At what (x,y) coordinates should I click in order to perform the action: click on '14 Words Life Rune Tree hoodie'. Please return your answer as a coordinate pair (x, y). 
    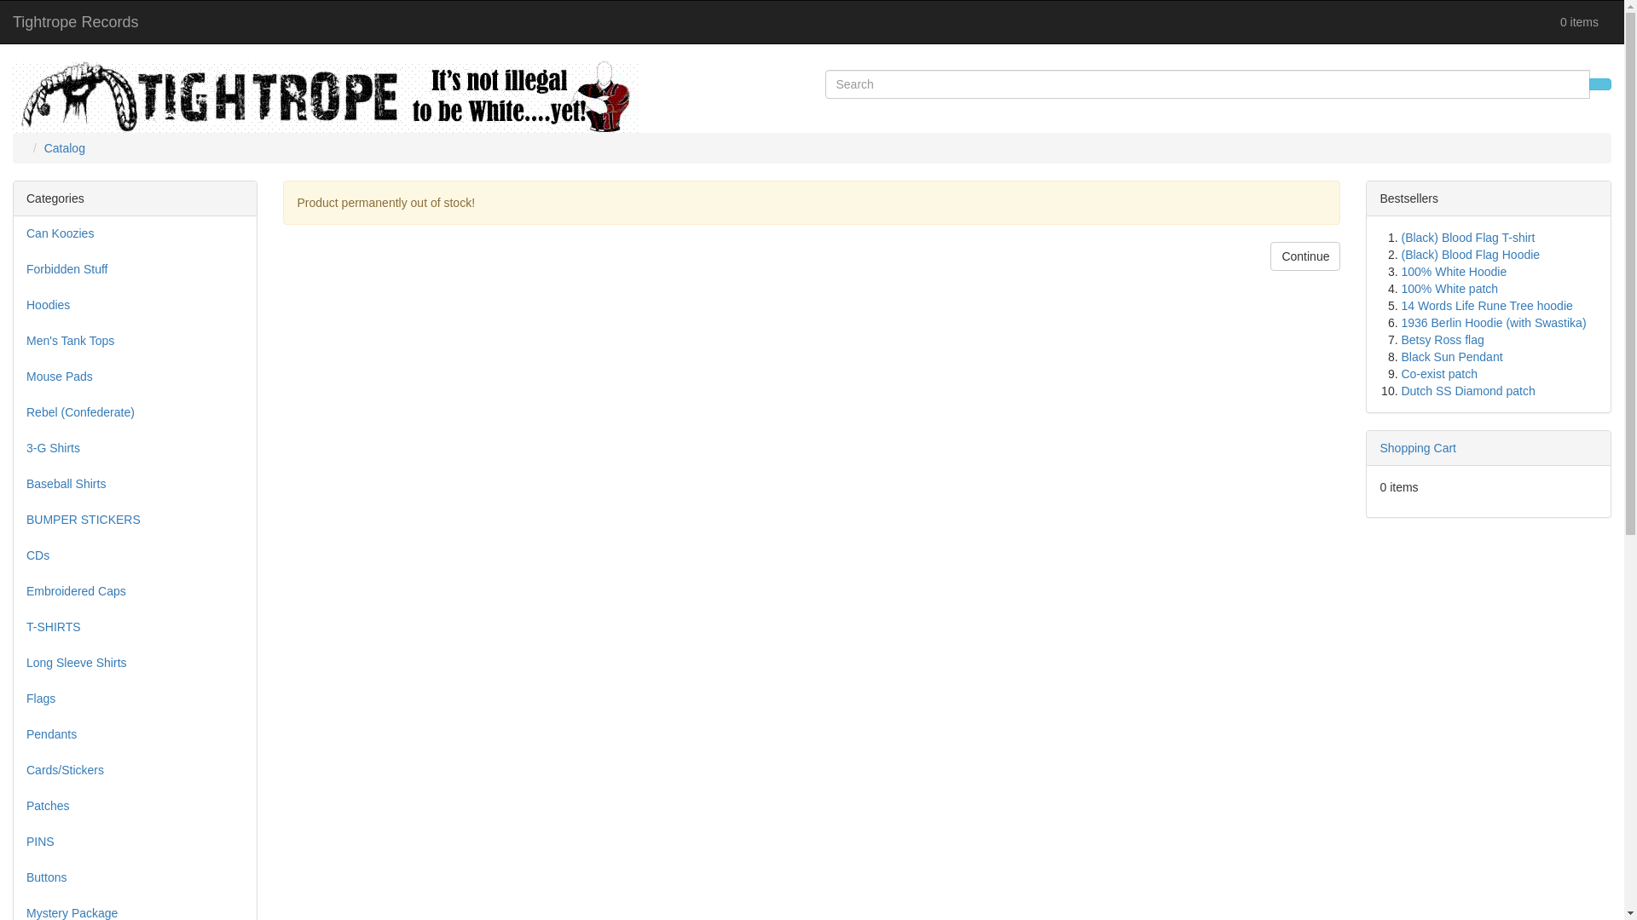
    Looking at the image, I should click on (1400, 304).